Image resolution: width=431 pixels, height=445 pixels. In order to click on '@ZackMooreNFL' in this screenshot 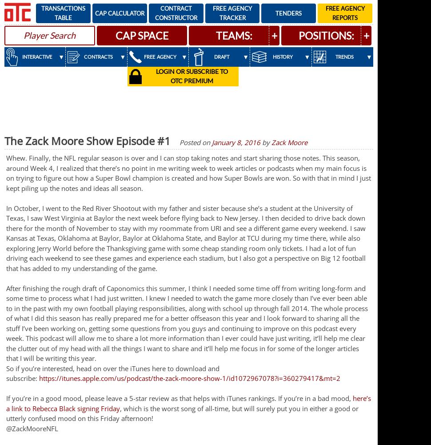, I will do `click(6, 428)`.